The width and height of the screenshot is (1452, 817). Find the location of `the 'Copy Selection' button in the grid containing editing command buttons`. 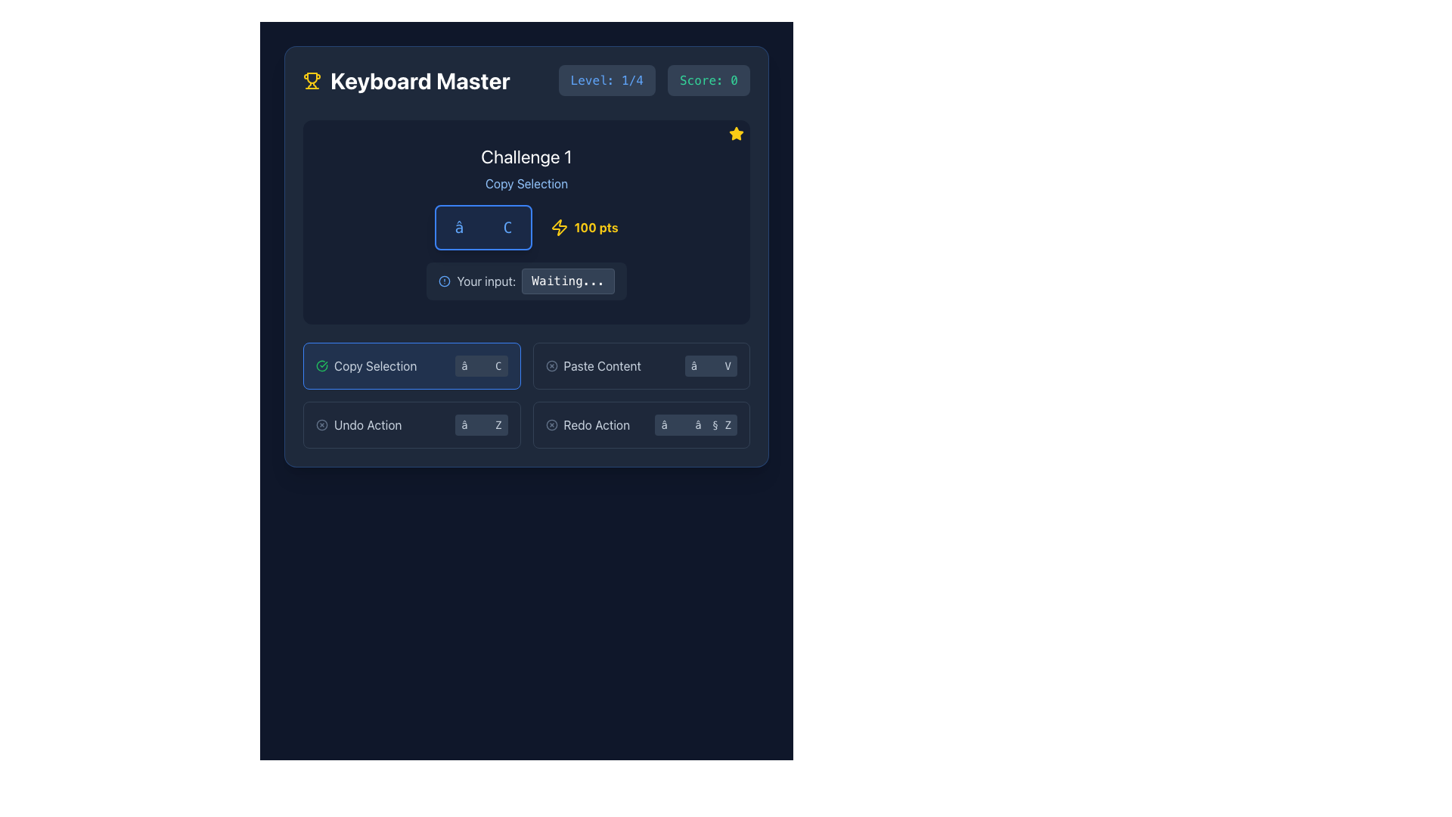

the 'Copy Selection' button in the grid containing editing command buttons is located at coordinates (526, 395).